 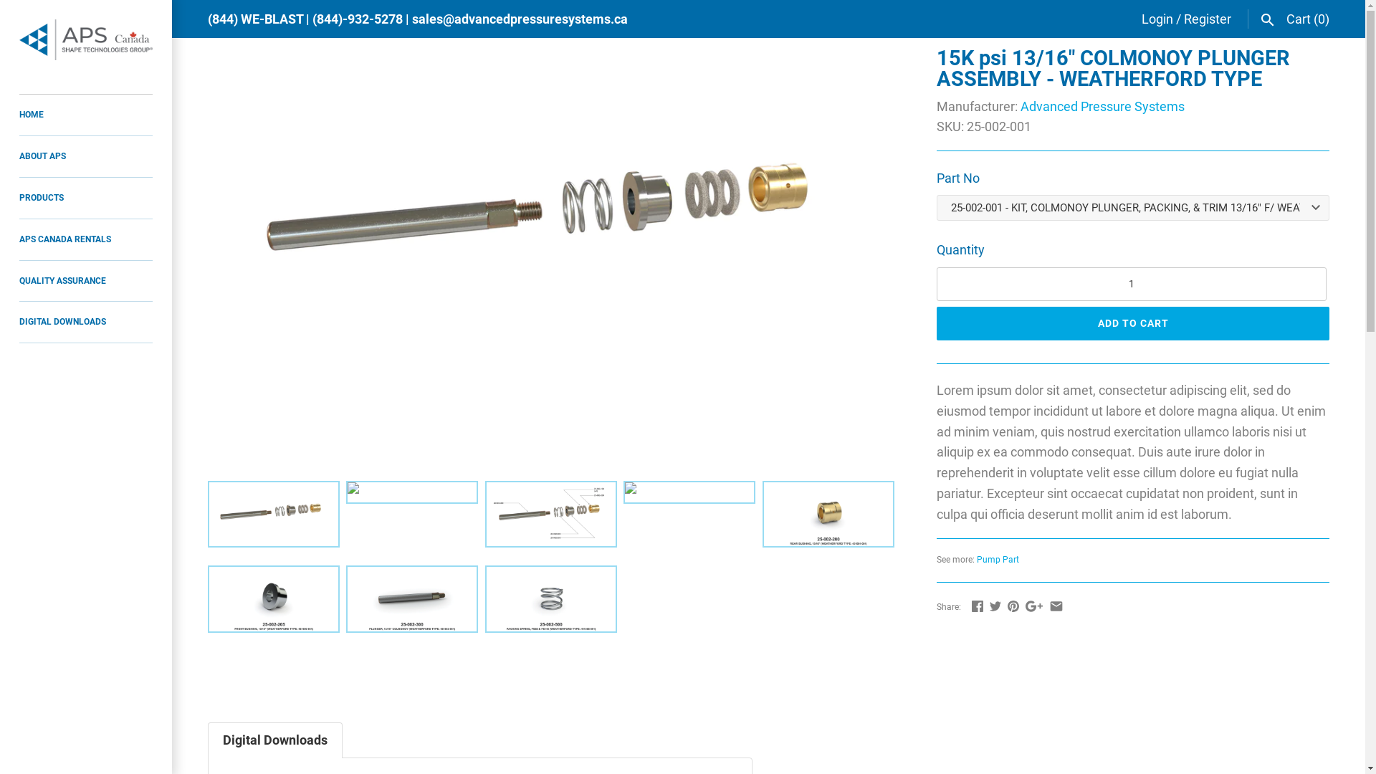 I want to click on 'DIGITAL DOWNLOADS', so click(x=85, y=322).